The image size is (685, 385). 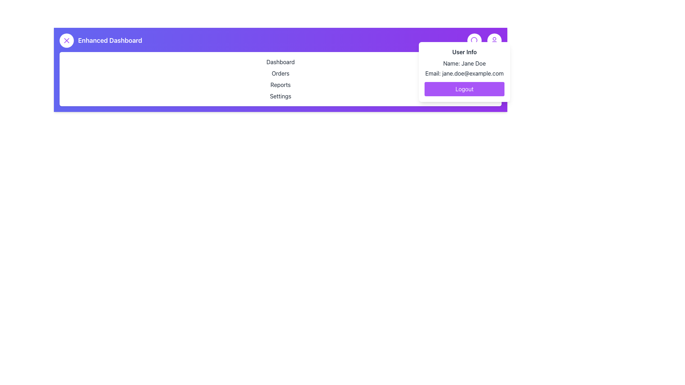 I want to click on the interactive button located in the upper right corner of the interface, so click(x=474, y=41).